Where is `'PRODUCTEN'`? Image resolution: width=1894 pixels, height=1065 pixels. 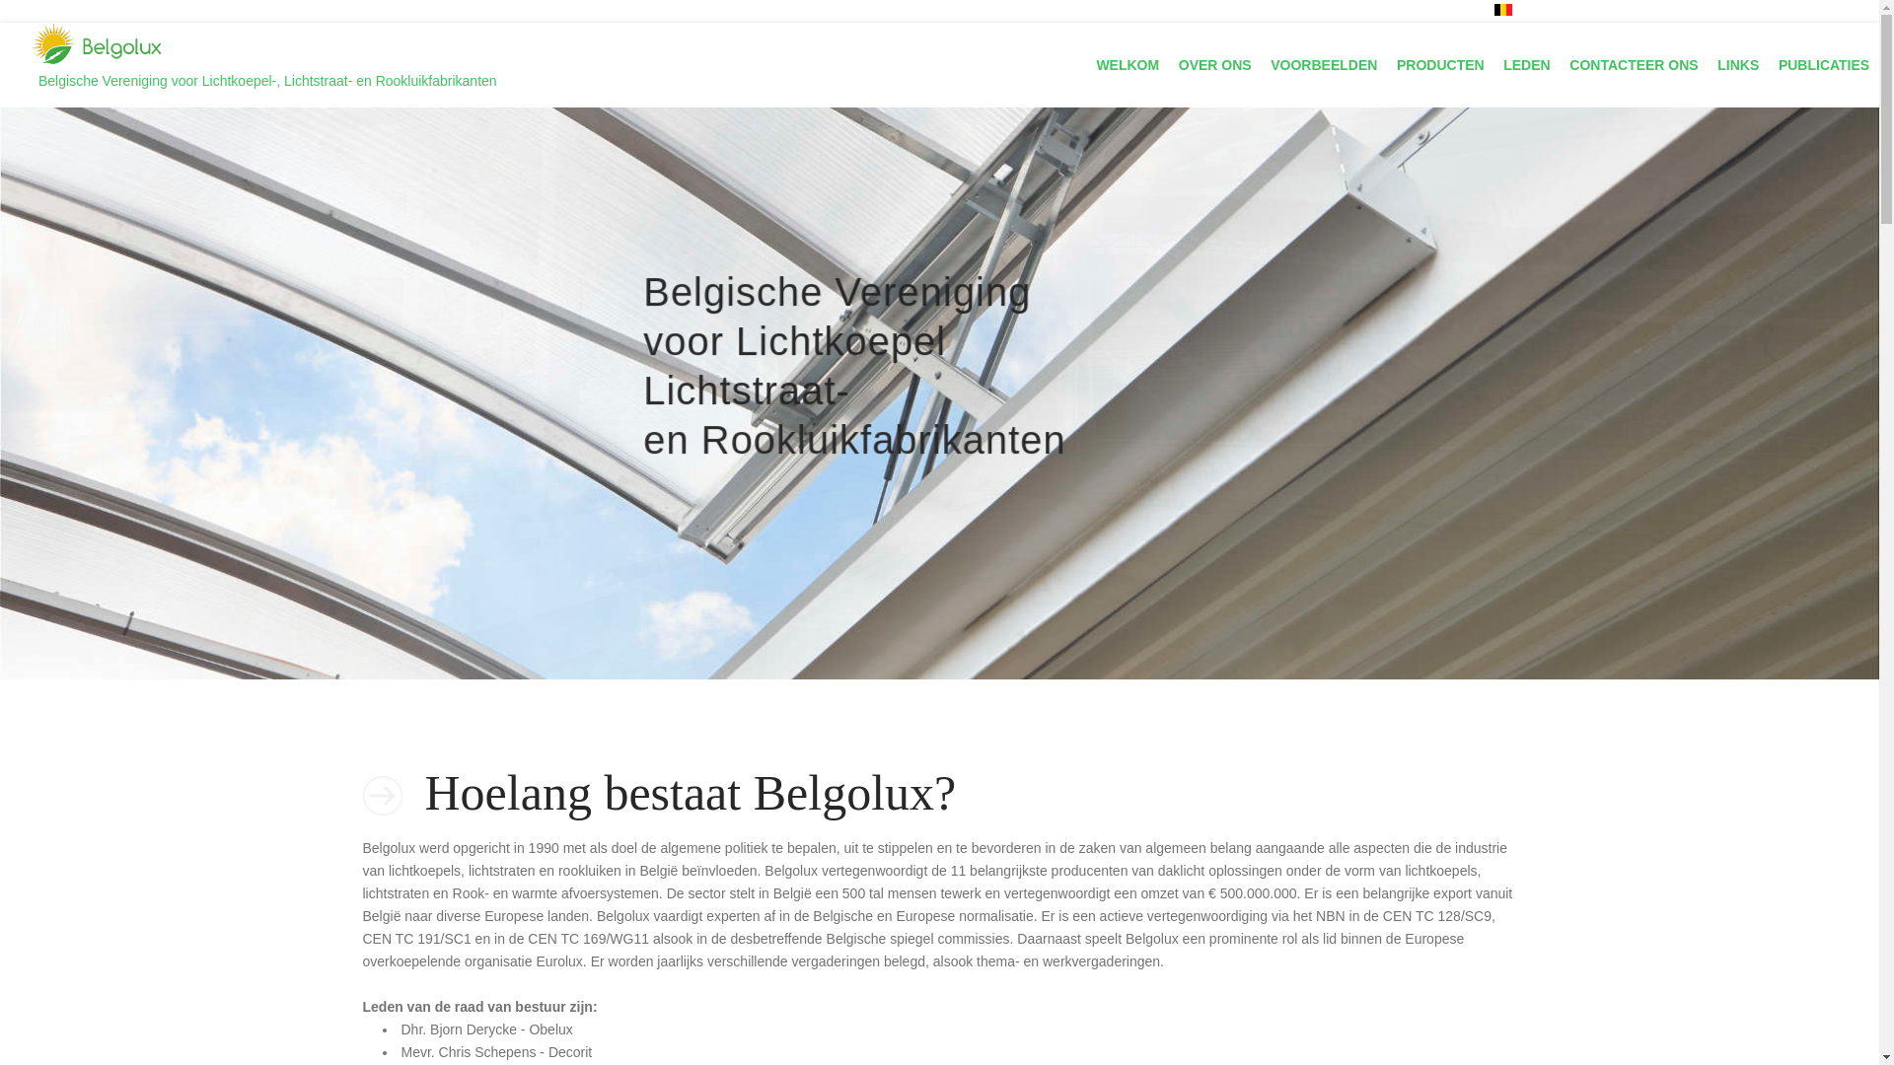
'PRODUCTEN' is located at coordinates (1439, 63).